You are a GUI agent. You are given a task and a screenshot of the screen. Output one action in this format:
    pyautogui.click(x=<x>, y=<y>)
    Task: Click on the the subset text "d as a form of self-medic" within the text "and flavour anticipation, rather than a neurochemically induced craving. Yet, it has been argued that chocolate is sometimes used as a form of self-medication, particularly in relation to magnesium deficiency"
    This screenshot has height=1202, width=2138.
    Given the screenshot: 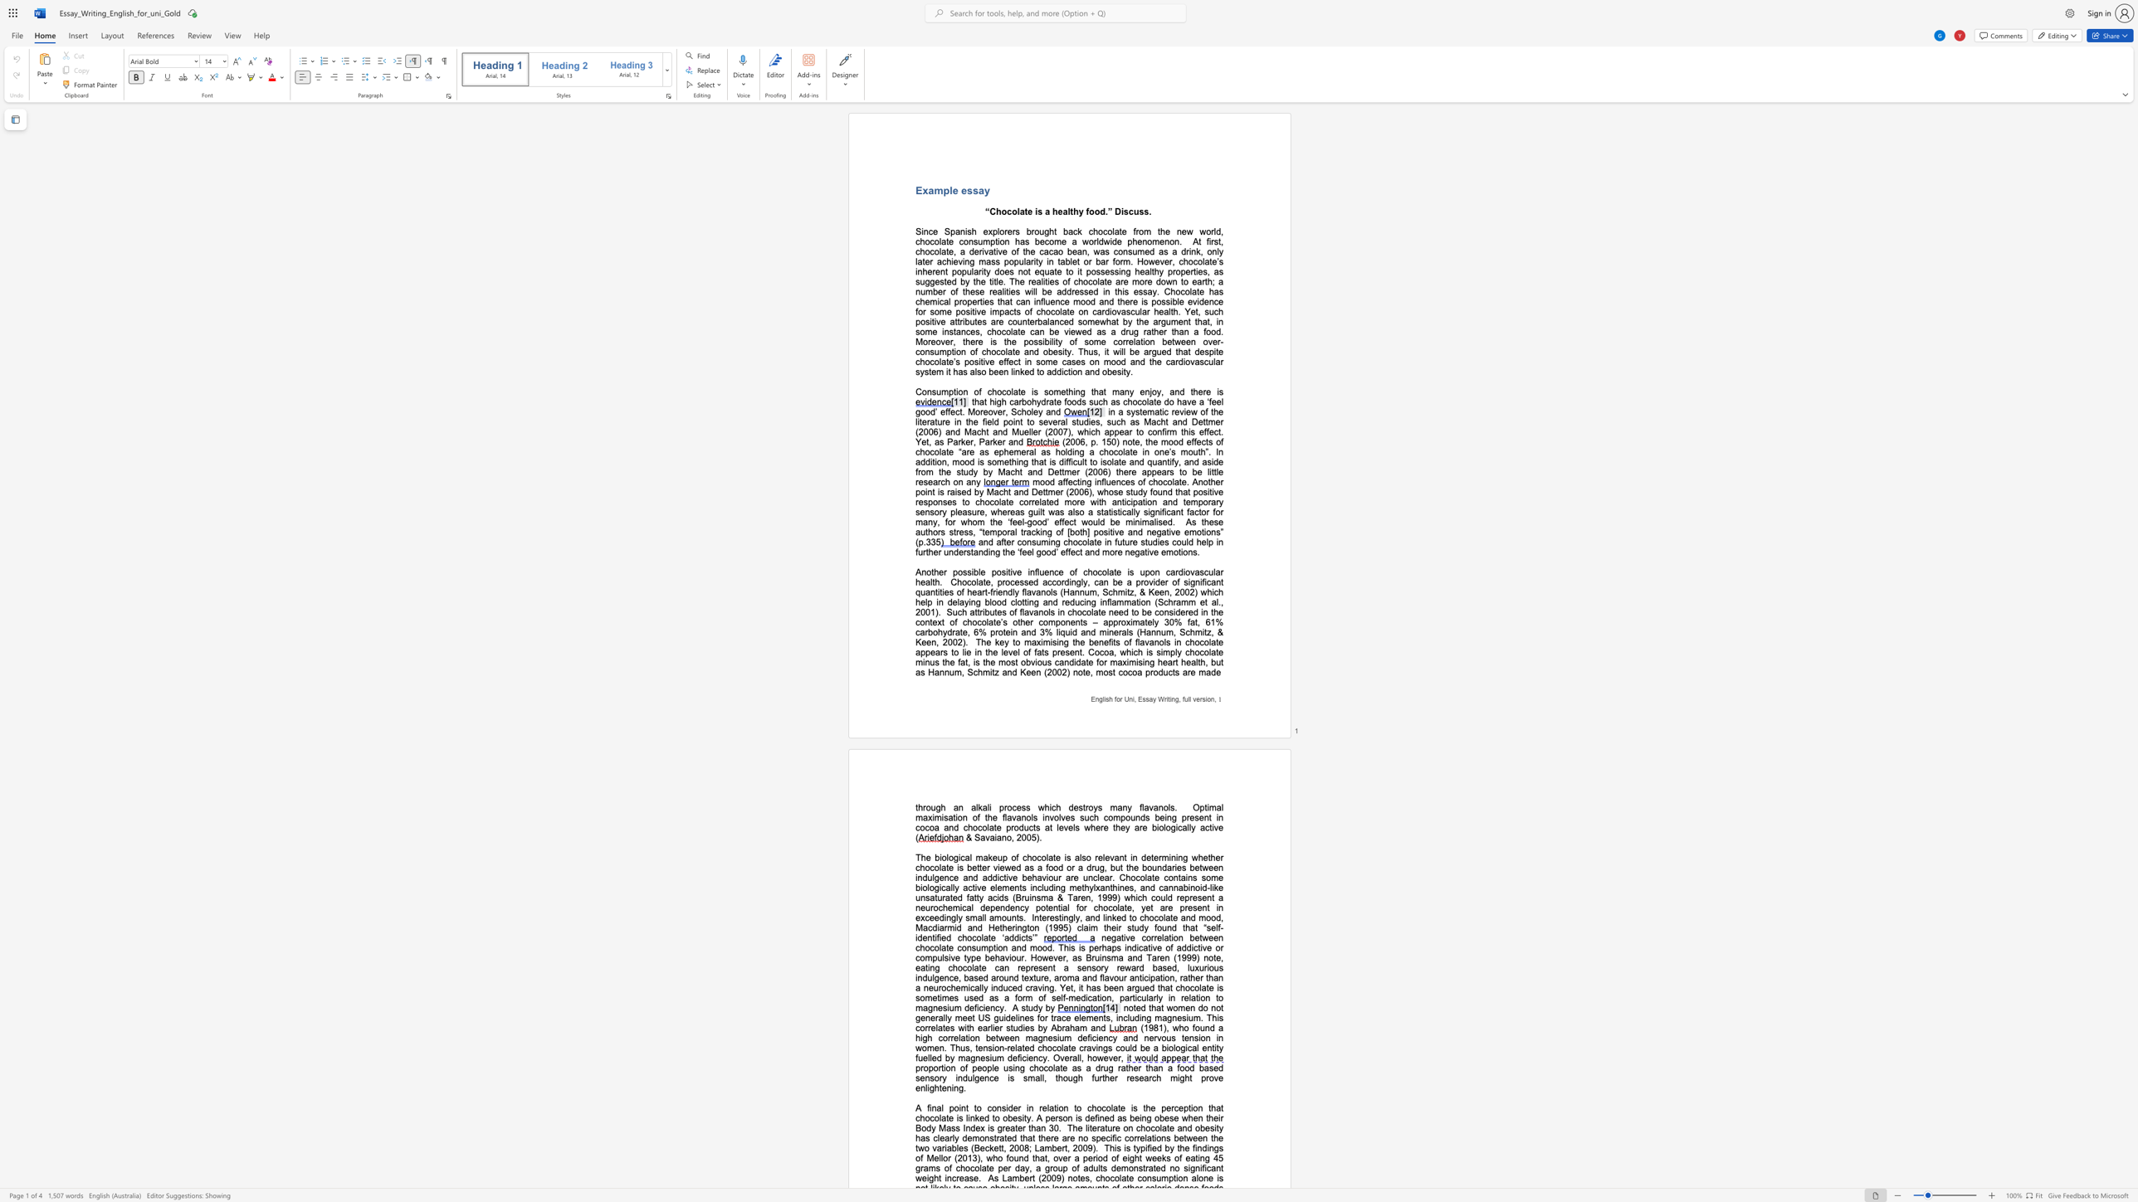 What is the action you would take?
    pyautogui.click(x=977, y=998)
    